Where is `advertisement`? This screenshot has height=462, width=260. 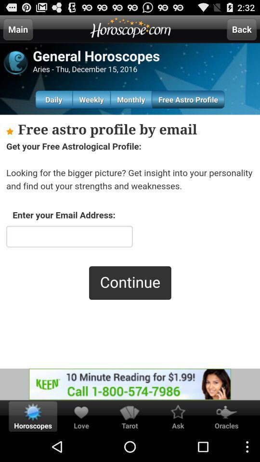
advertisement is located at coordinates (130, 384).